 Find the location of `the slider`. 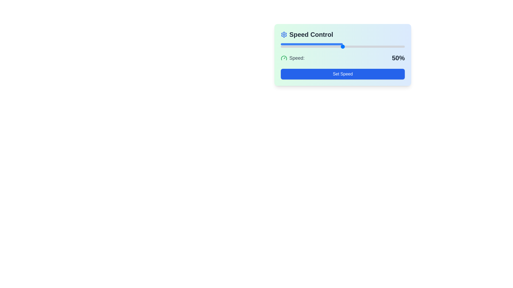

the slider is located at coordinates (302, 46).